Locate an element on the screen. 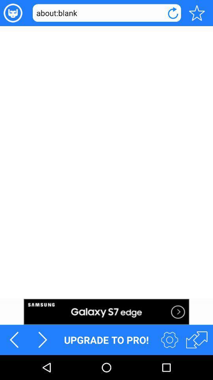 Image resolution: width=213 pixels, height=380 pixels. the arrow_backward icon is located at coordinates (14, 363).